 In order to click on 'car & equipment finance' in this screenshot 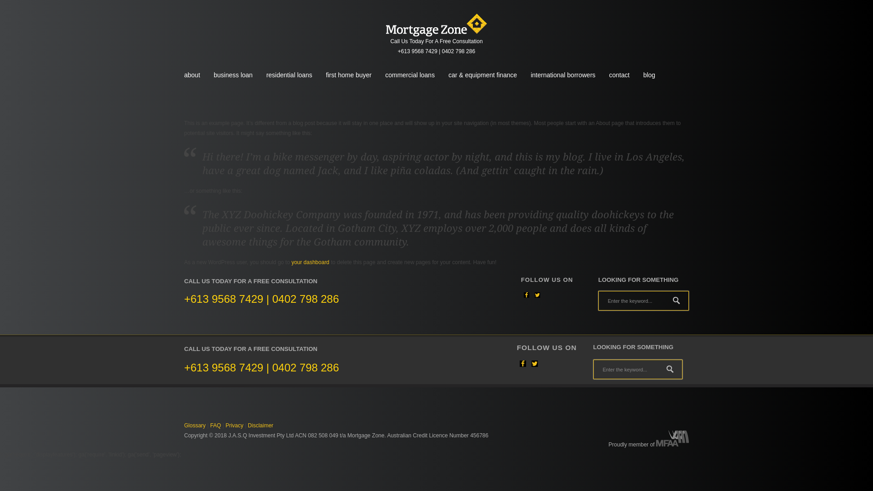, I will do `click(482, 75)`.